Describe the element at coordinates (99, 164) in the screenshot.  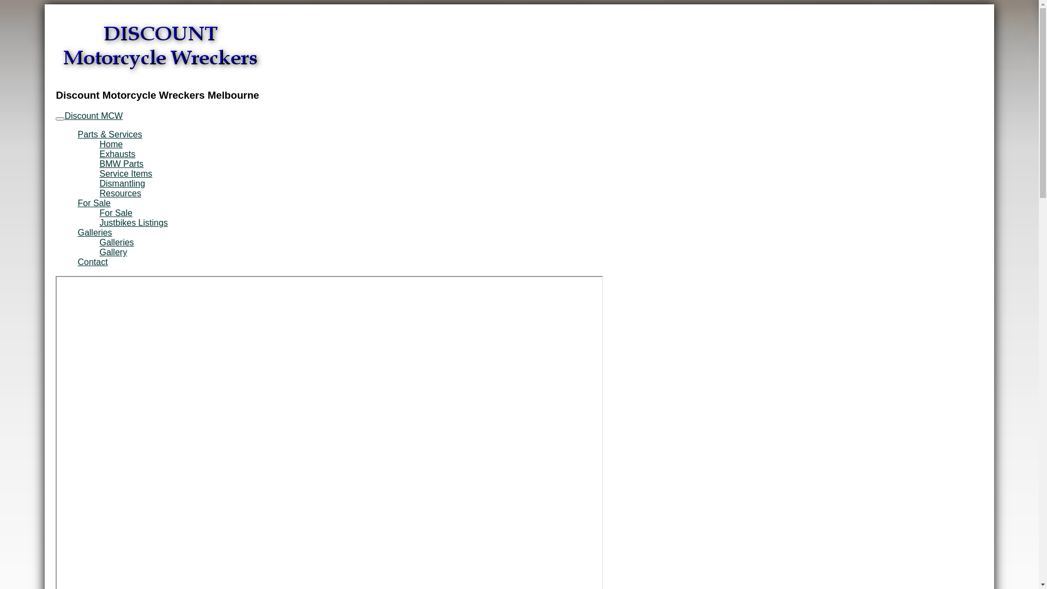
I see `'BMW Parts'` at that location.